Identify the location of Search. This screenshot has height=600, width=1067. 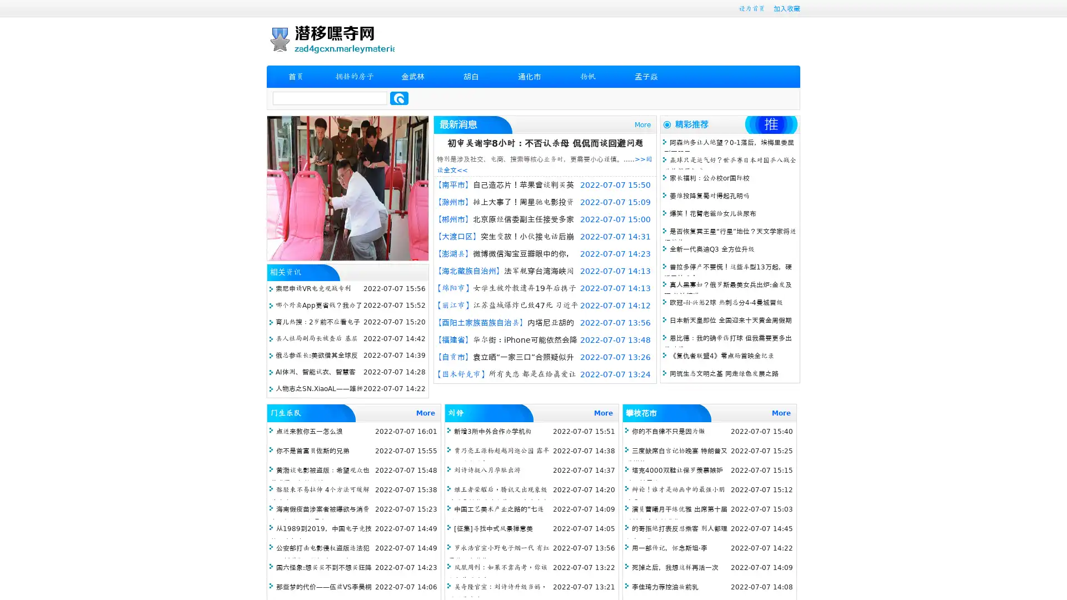
(399, 98).